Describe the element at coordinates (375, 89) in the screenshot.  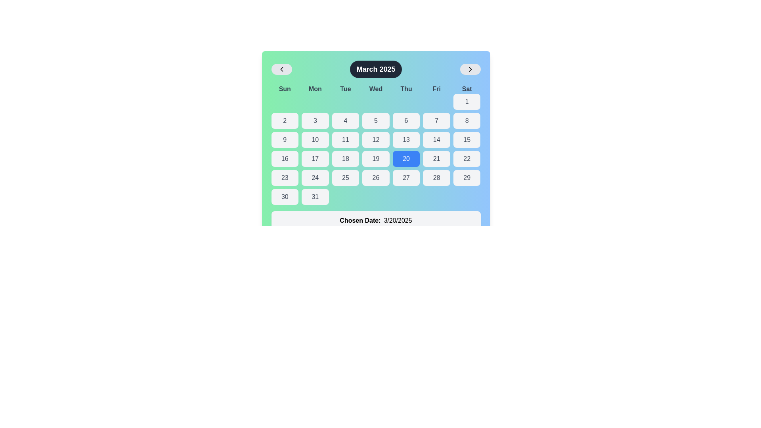
I see `the Text Label element displaying 'Wed', which is styled in bold gray font and located in the fourth column of the days of the week grid under the 'March 2025' header` at that location.